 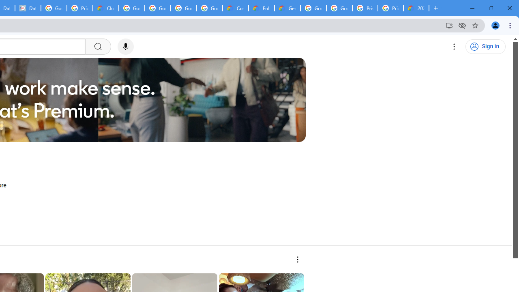 I want to click on 'Gemini for Business and Developers | Google Cloud', so click(x=287, y=8).